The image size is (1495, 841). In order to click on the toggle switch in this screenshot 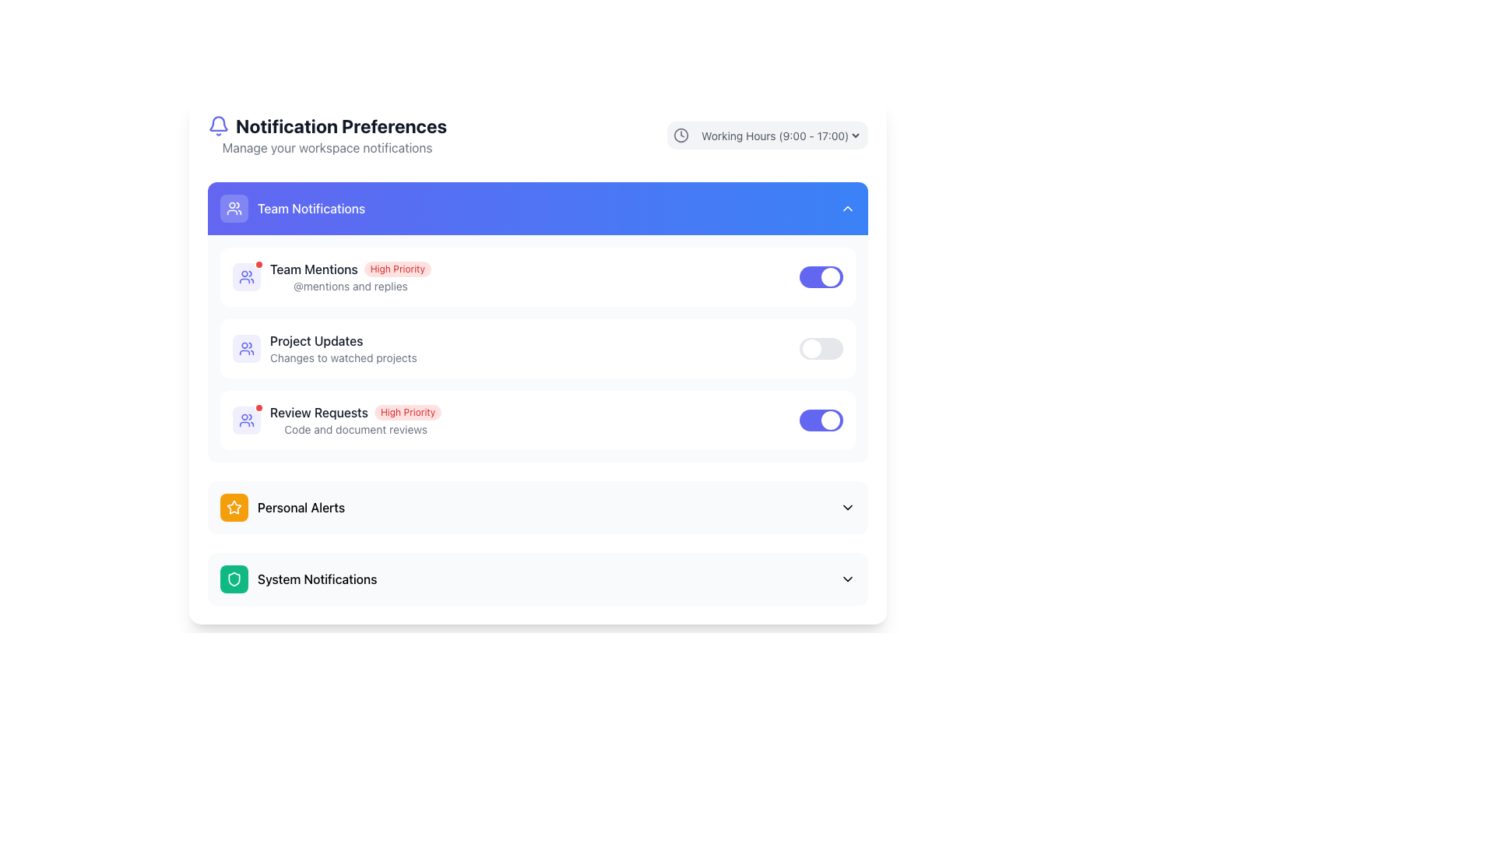, I will do `click(821, 276)`.